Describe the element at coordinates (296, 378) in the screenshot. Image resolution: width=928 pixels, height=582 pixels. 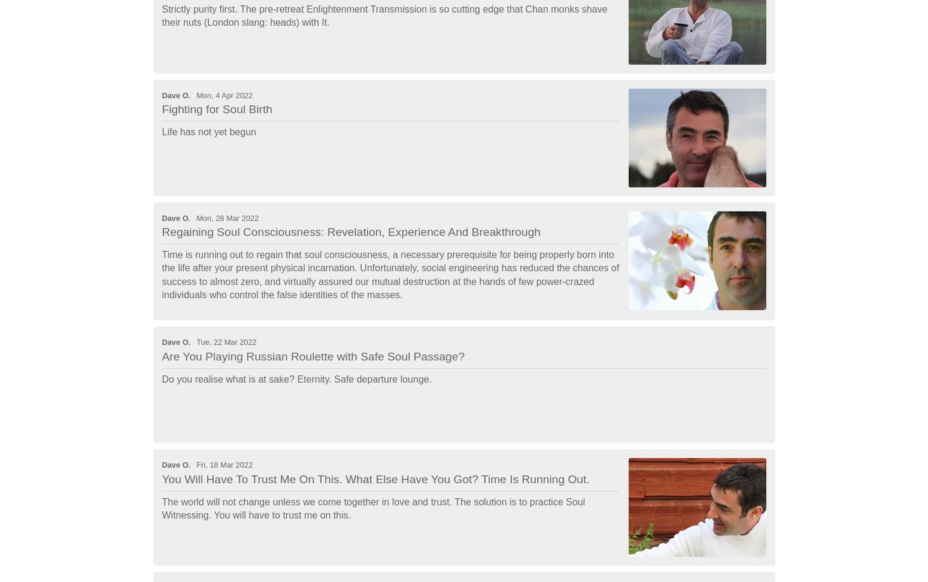
I see `'Do you realise what is at sake? Eternity. Safe departure lounge.'` at that location.